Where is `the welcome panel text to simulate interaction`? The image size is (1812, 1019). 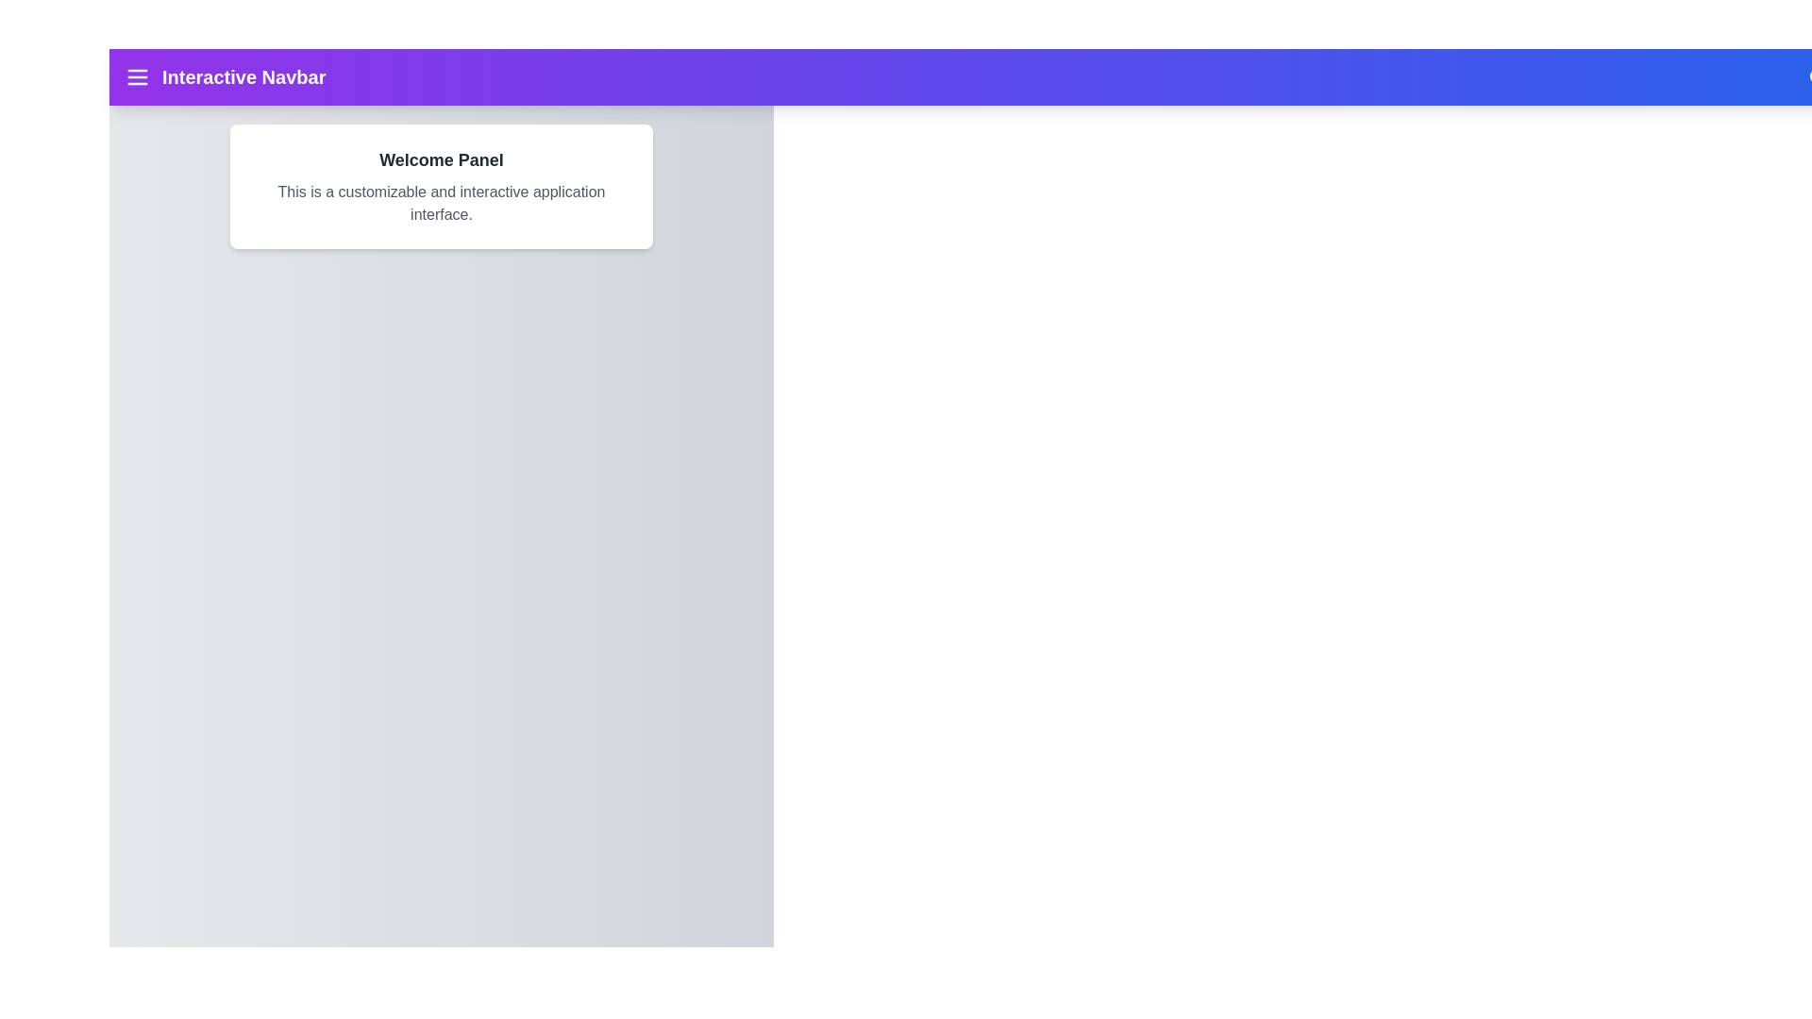 the welcome panel text to simulate interaction is located at coordinates (440, 186).